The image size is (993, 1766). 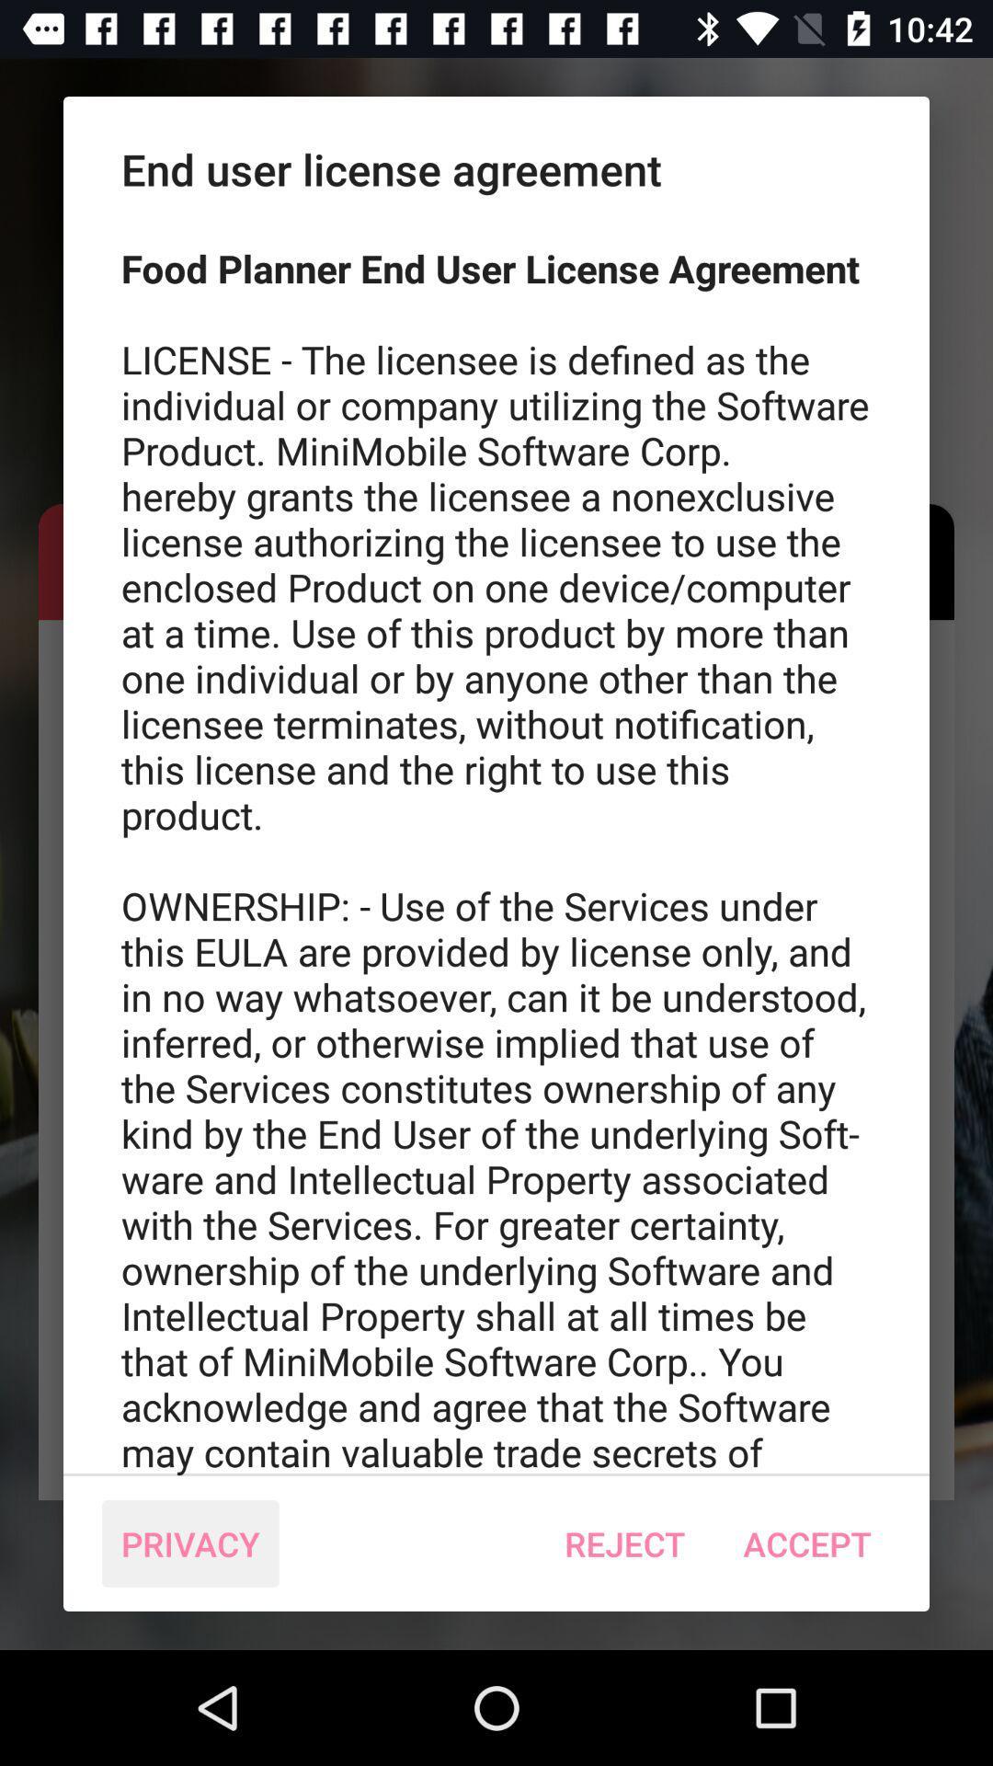 What do you see at coordinates (806, 1543) in the screenshot?
I see `the item next to the reject item` at bounding box center [806, 1543].